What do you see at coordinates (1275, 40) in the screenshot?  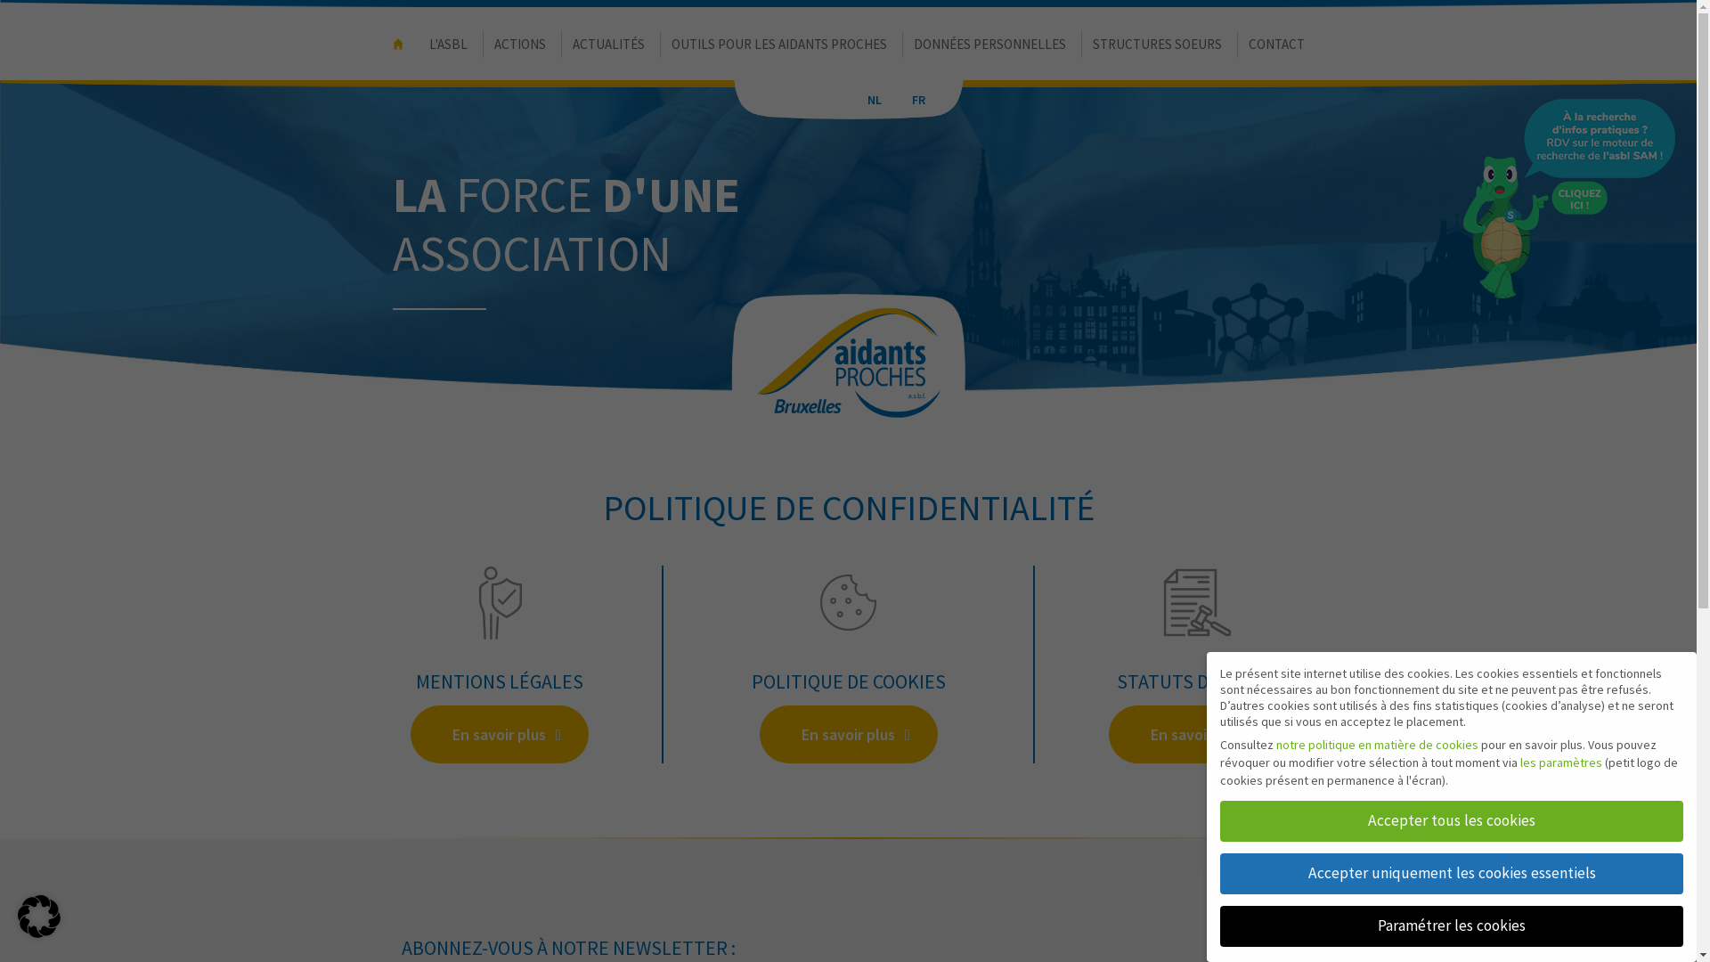 I see `'CONTACT'` at bounding box center [1275, 40].